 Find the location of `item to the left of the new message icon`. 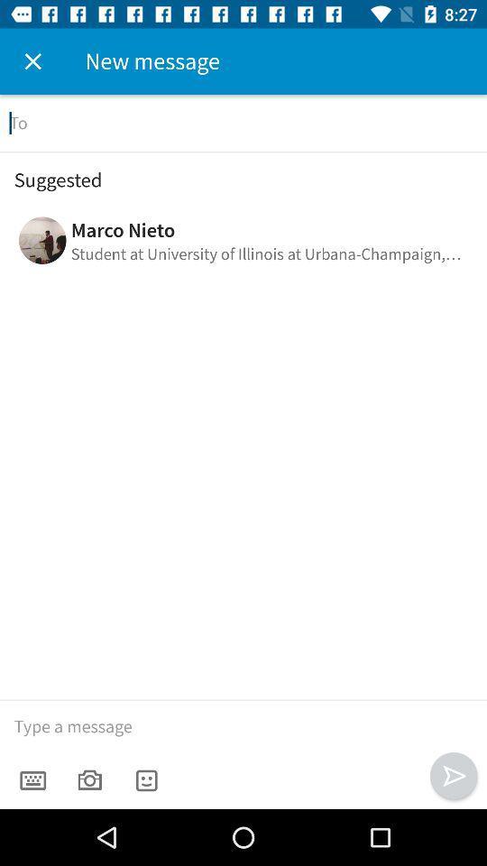

item to the left of the new message icon is located at coordinates (32, 61).